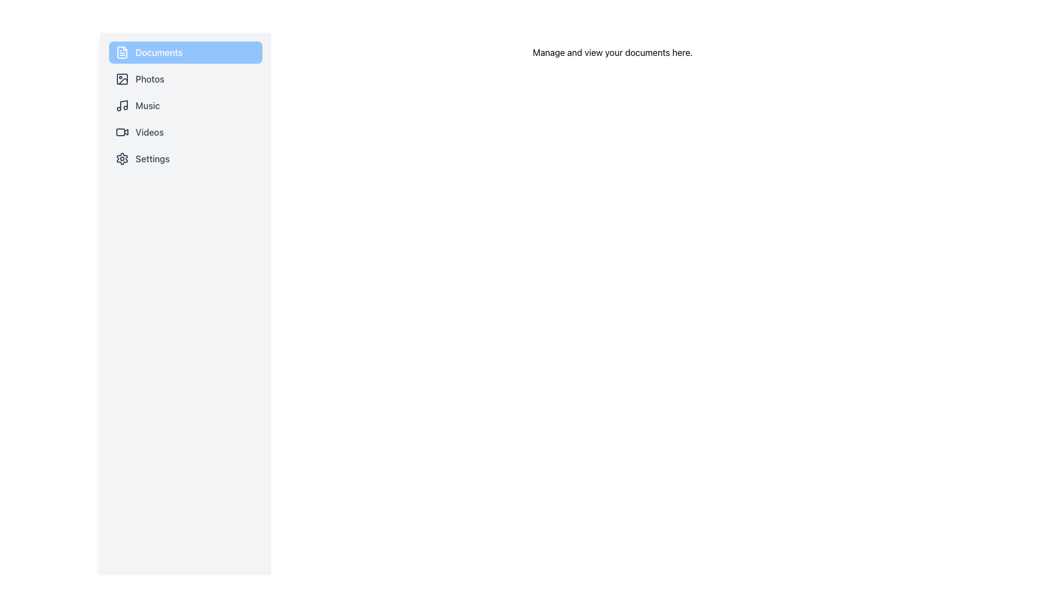 This screenshot has height=598, width=1063. What do you see at coordinates (126, 131) in the screenshot?
I see `the triangular play icon located in the sidebar navigation menu, positioned to the left of the 'Videos' label` at bounding box center [126, 131].